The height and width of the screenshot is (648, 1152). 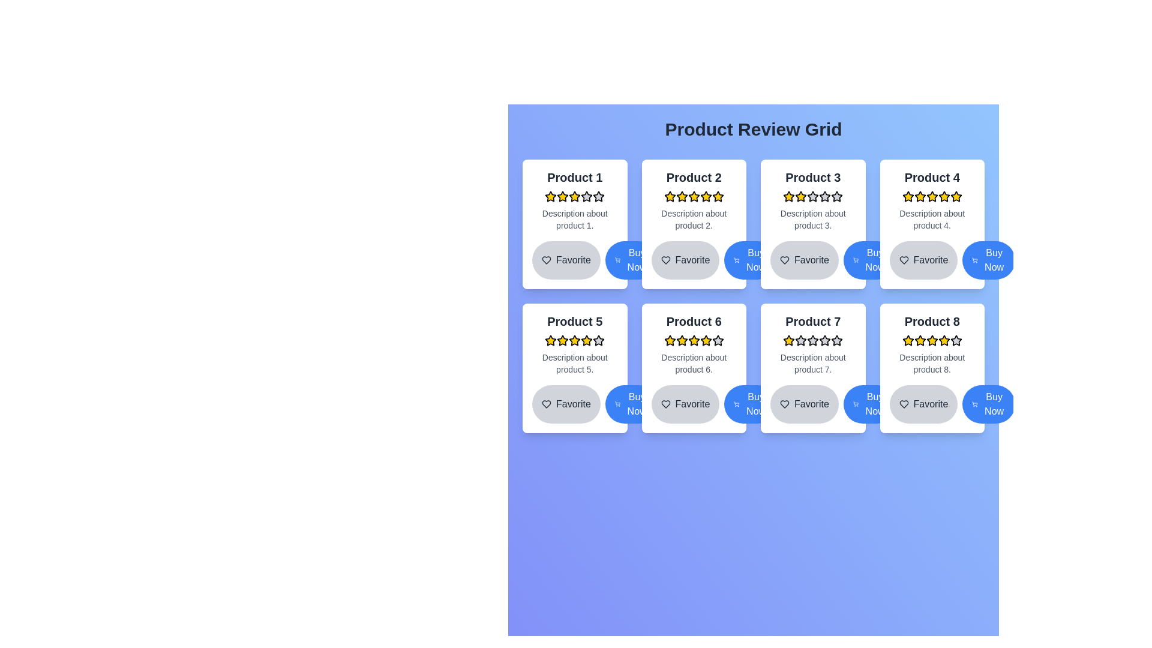 What do you see at coordinates (801, 196) in the screenshot?
I see `the second star icon in the rating system for 'Product 3' which is styled with a yellow fill and a black outline` at bounding box center [801, 196].